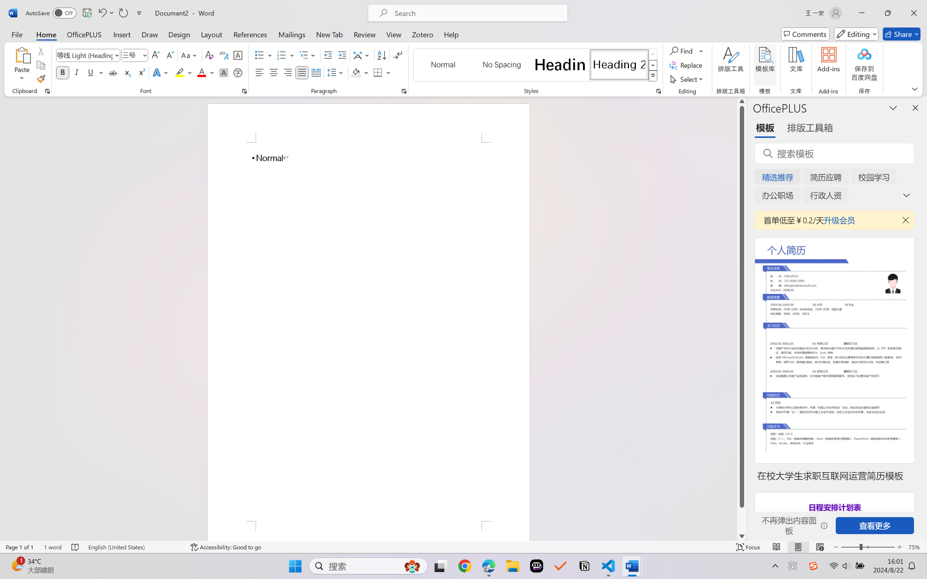 The image size is (927, 579). Describe the element at coordinates (225, 547) in the screenshot. I see `'Accessibility Checker Accessibility: Good to go'` at that location.